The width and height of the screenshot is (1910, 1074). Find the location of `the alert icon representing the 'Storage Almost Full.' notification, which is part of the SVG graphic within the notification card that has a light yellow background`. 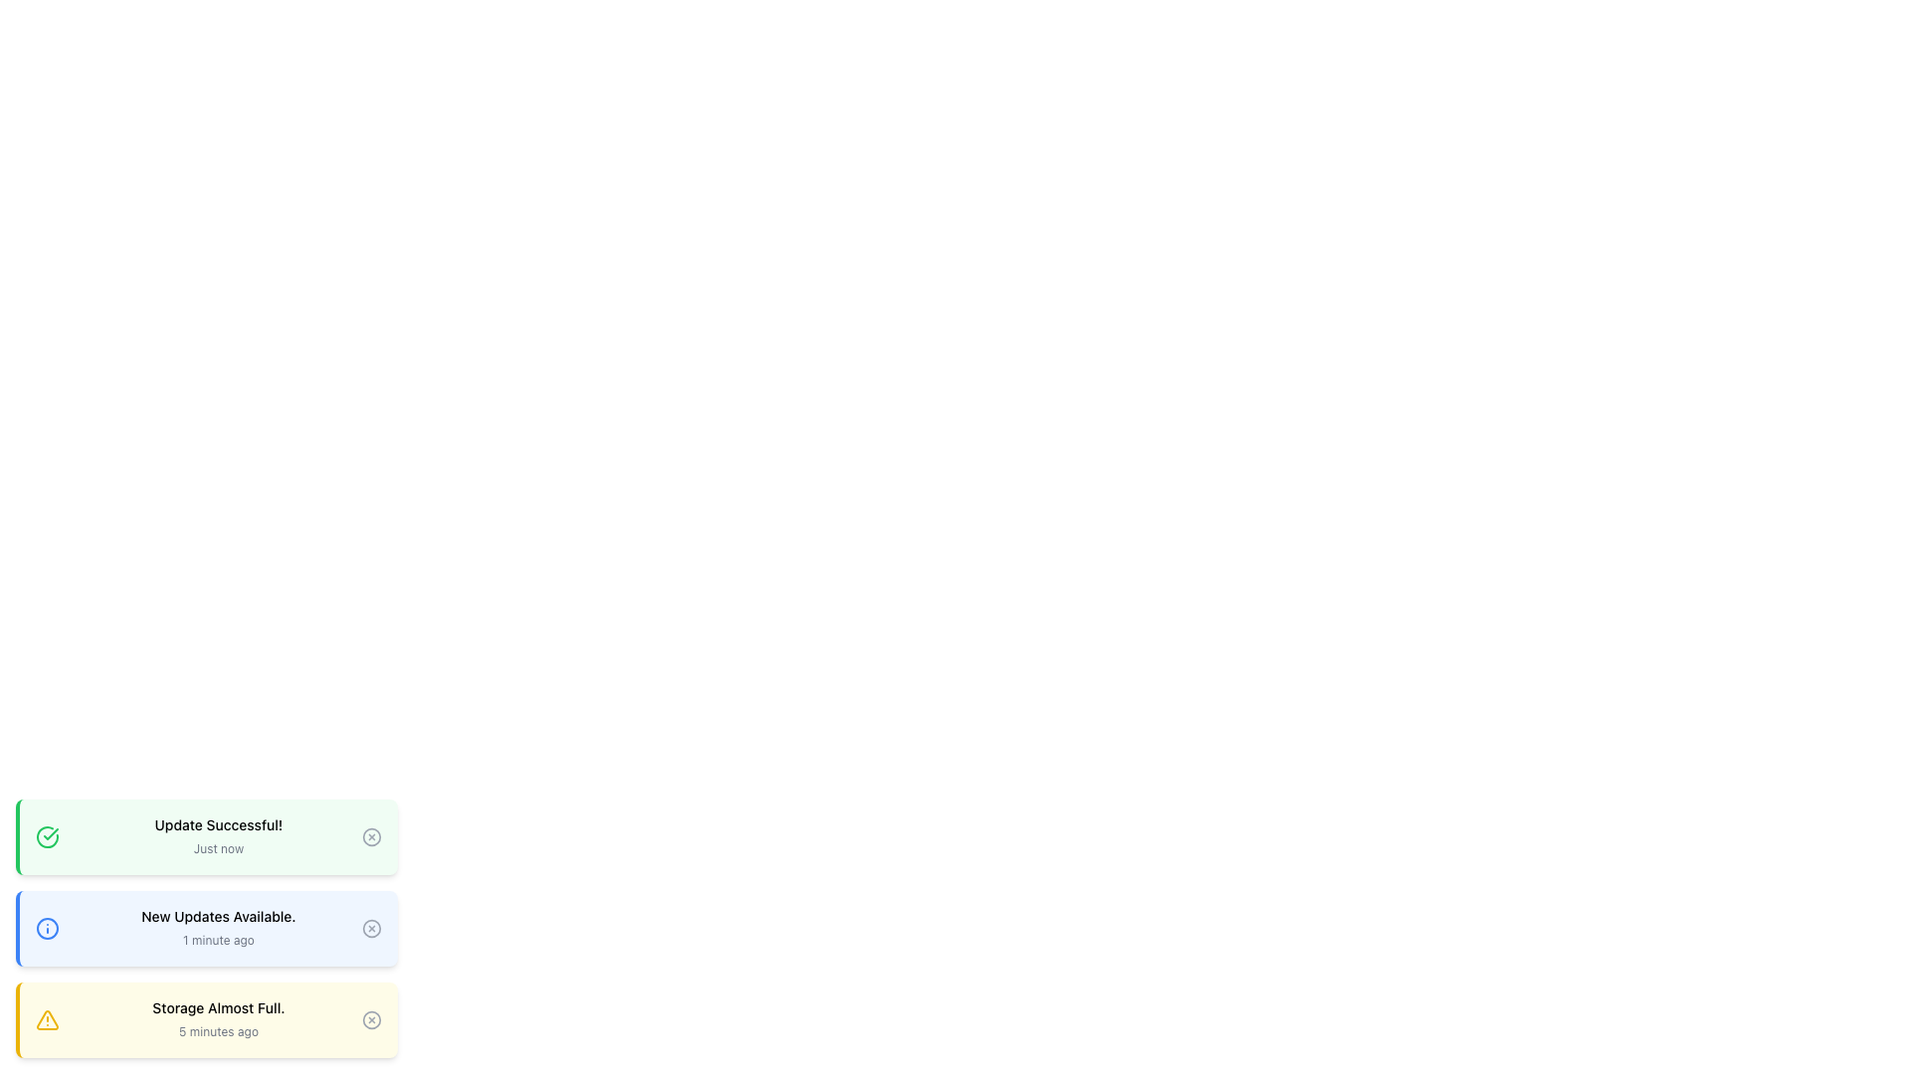

the alert icon representing the 'Storage Almost Full.' notification, which is part of the SVG graphic within the notification card that has a light yellow background is located at coordinates (48, 1020).